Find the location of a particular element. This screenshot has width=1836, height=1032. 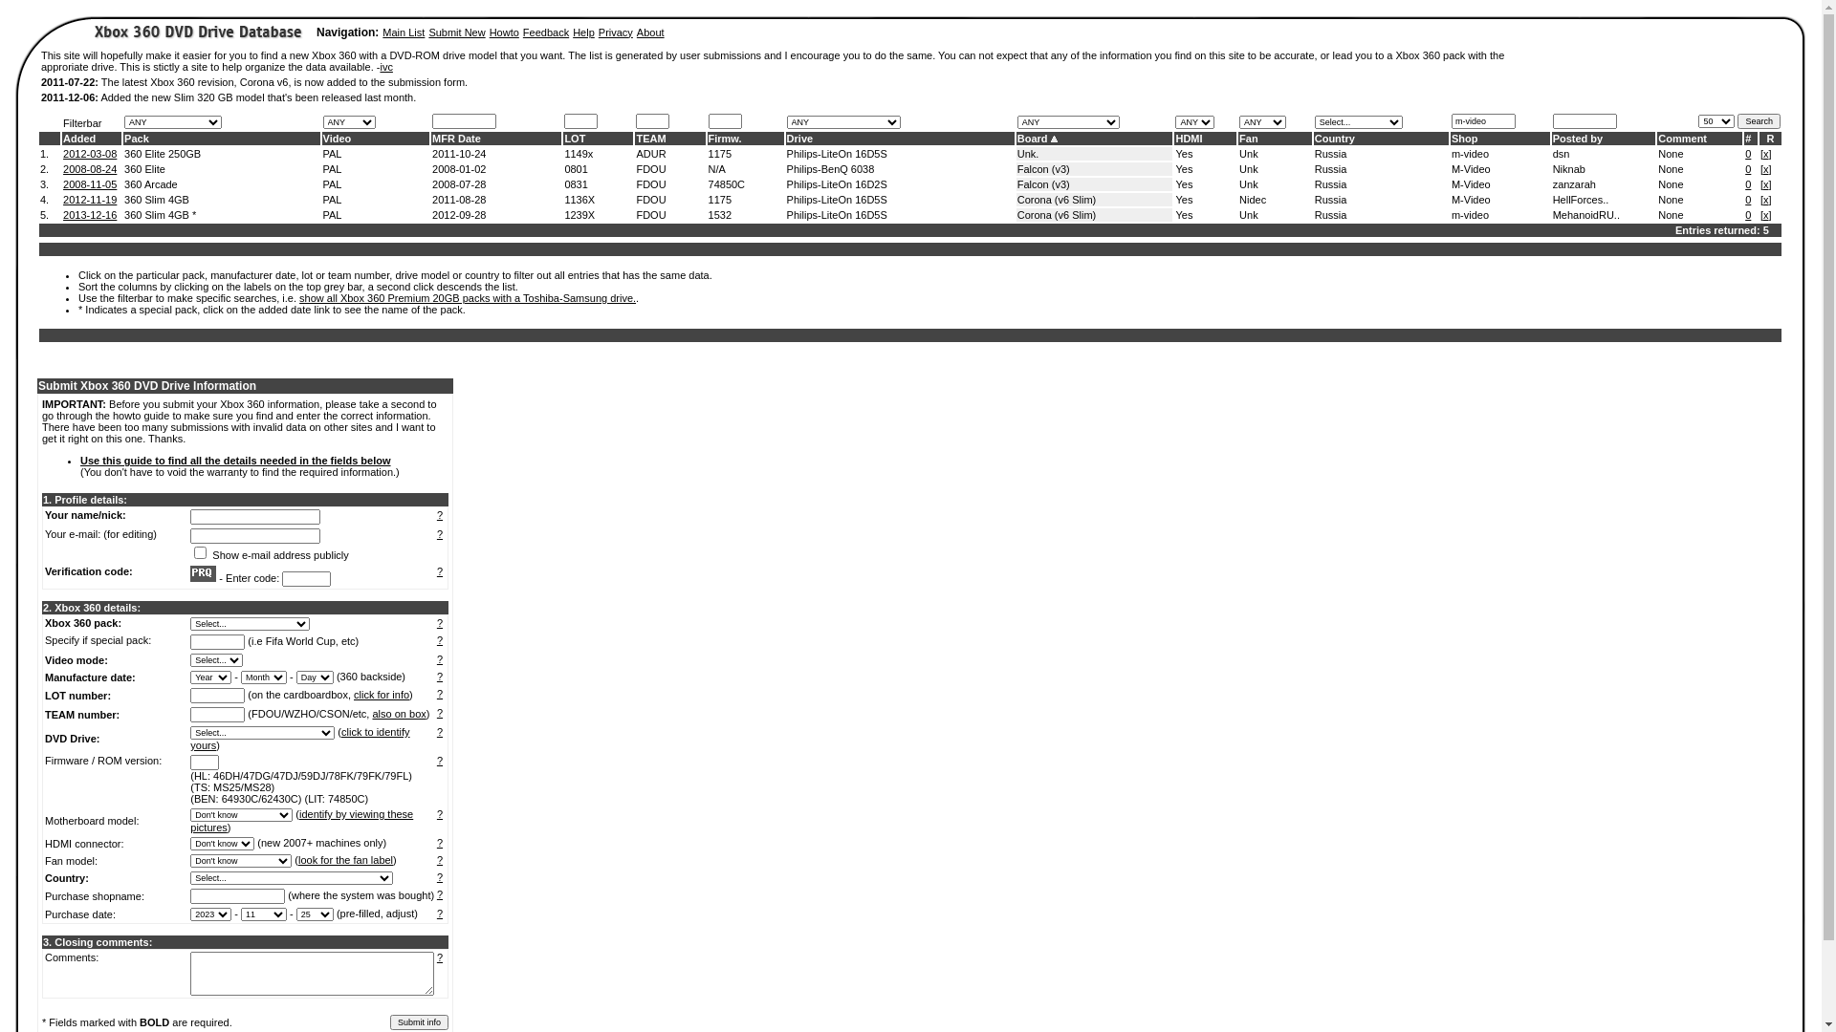

'M-Video' is located at coordinates (1470, 168).